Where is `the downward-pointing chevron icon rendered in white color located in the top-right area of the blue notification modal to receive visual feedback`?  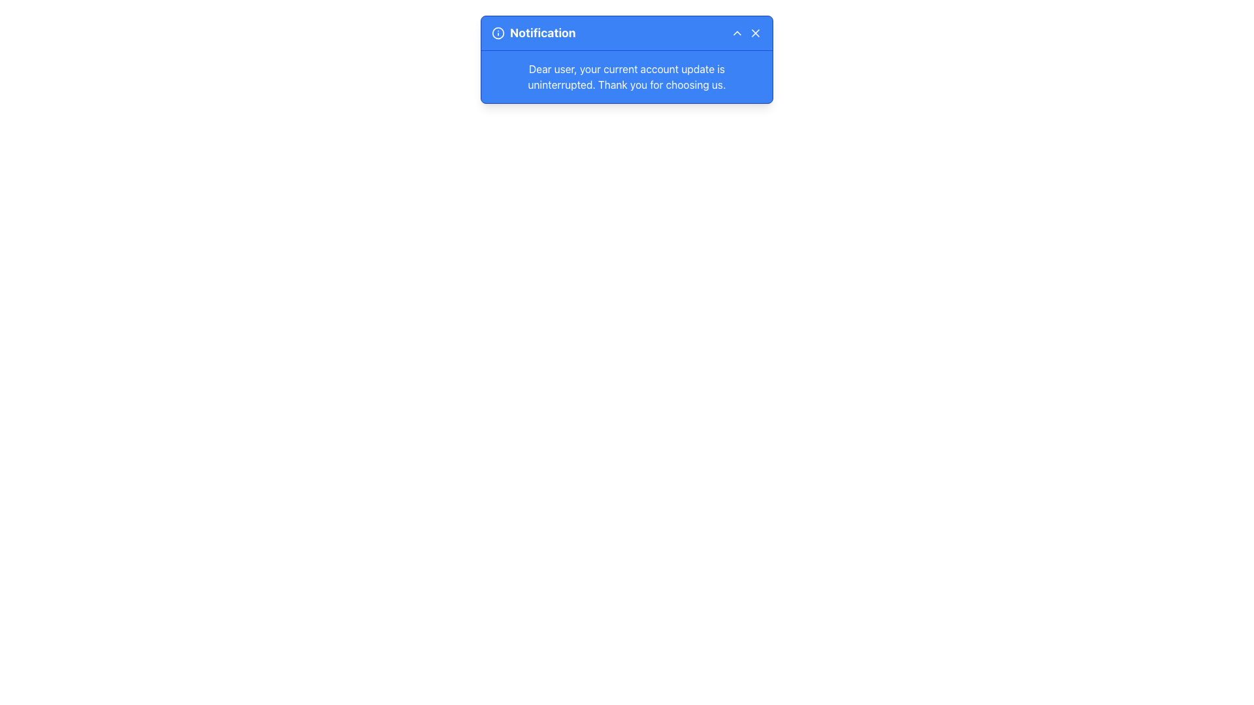
the downward-pointing chevron icon rendered in white color located in the top-right area of the blue notification modal to receive visual feedback is located at coordinates (737, 32).